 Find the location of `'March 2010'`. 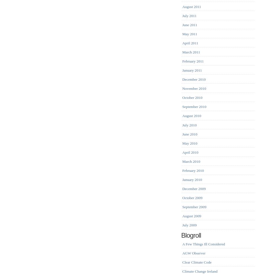

'March 2010' is located at coordinates (182, 161).